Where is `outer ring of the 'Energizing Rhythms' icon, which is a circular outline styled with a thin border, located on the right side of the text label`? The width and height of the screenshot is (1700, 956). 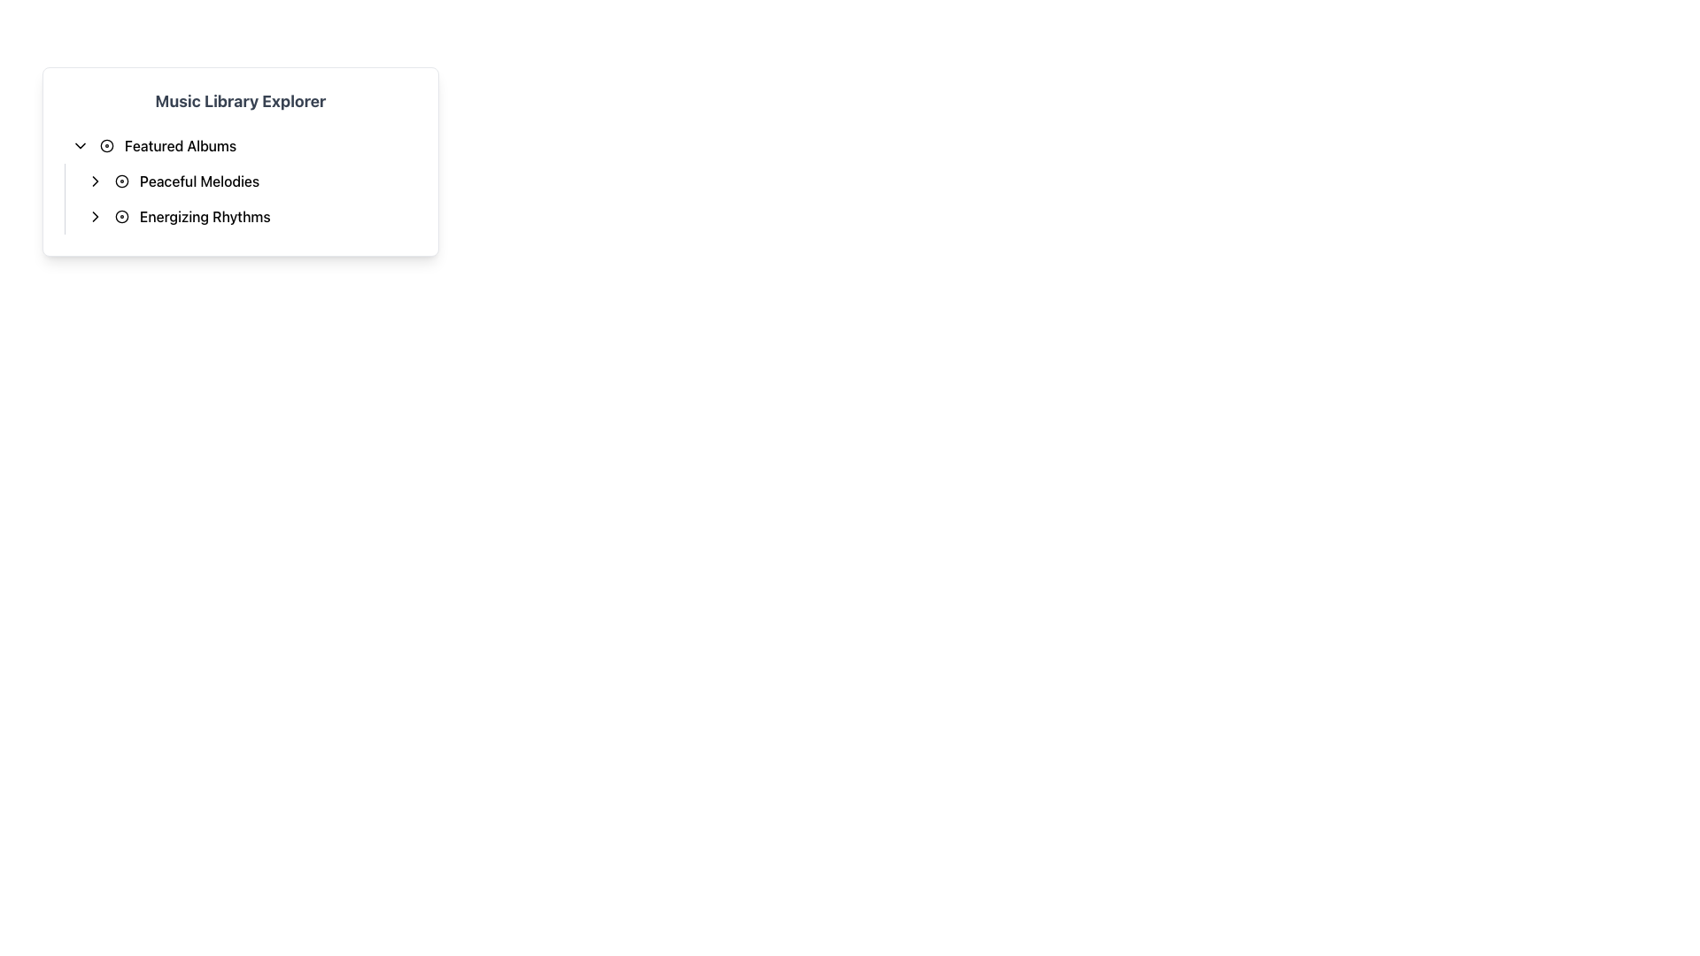
outer ring of the 'Energizing Rhythms' icon, which is a circular outline styled with a thin border, located on the right side of the text label is located at coordinates (121, 216).